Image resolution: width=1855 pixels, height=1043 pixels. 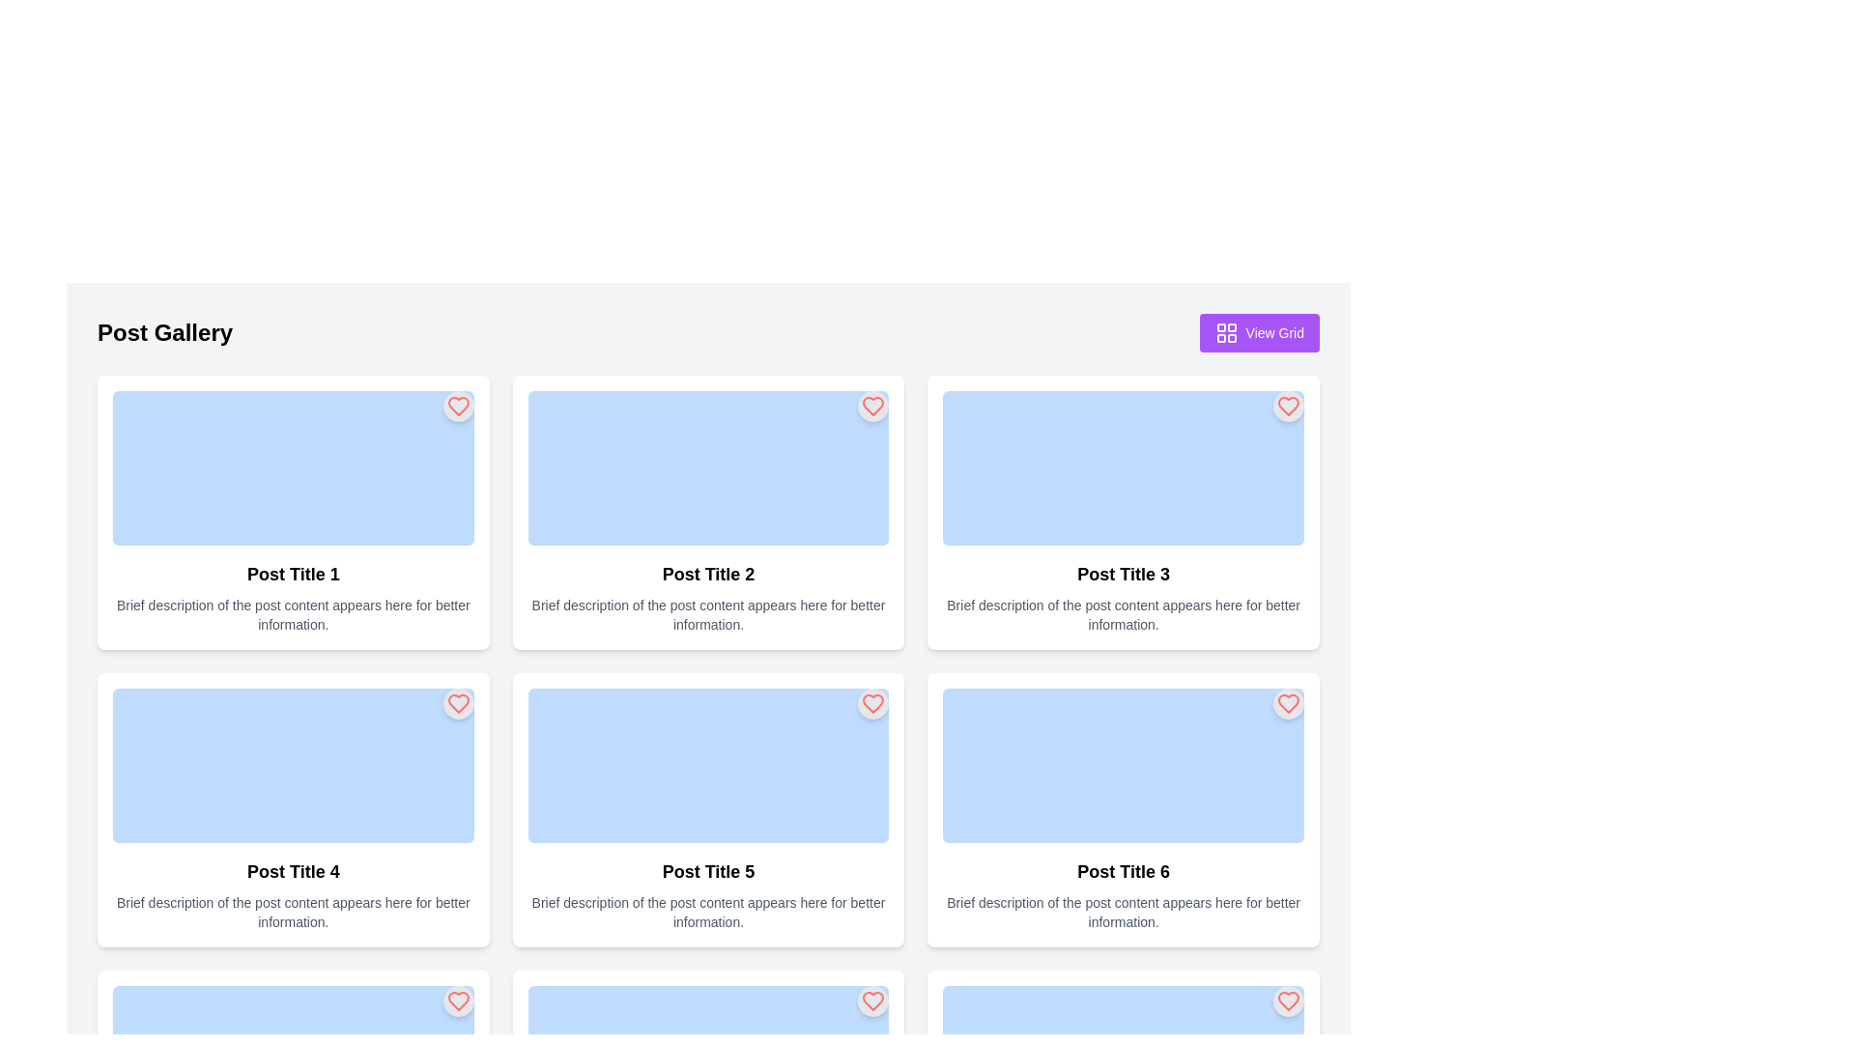 What do you see at coordinates (707, 614) in the screenshot?
I see `the text label displaying 'Brief description of the post content appears here for better information.' located below the title 'Post Title 2' in the second post card` at bounding box center [707, 614].